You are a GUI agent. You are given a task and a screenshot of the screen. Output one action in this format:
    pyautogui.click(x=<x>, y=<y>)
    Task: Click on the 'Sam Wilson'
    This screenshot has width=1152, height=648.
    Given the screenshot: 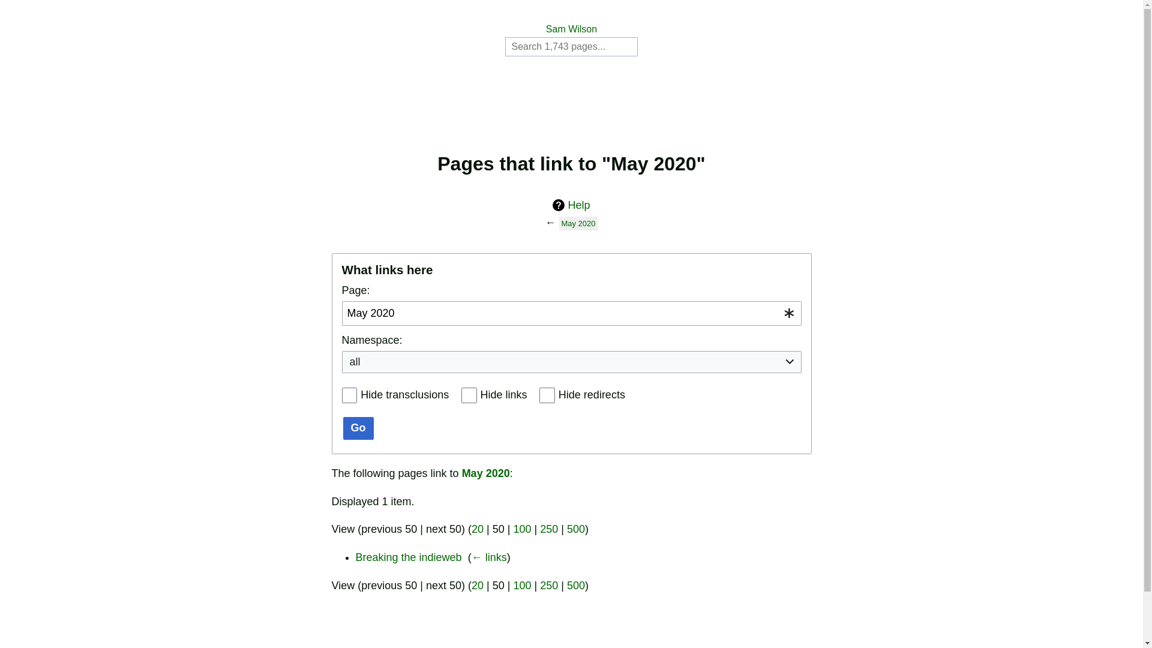 What is the action you would take?
    pyautogui.click(x=545, y=28)
    